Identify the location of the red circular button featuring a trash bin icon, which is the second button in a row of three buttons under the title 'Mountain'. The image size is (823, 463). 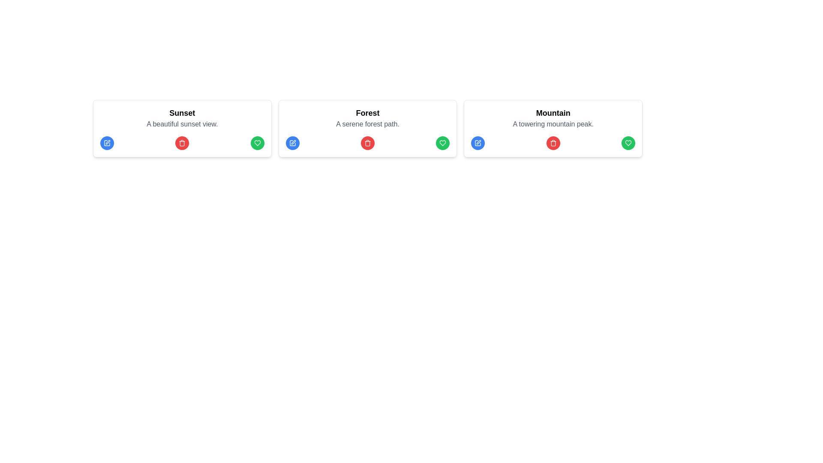
(553, 143).